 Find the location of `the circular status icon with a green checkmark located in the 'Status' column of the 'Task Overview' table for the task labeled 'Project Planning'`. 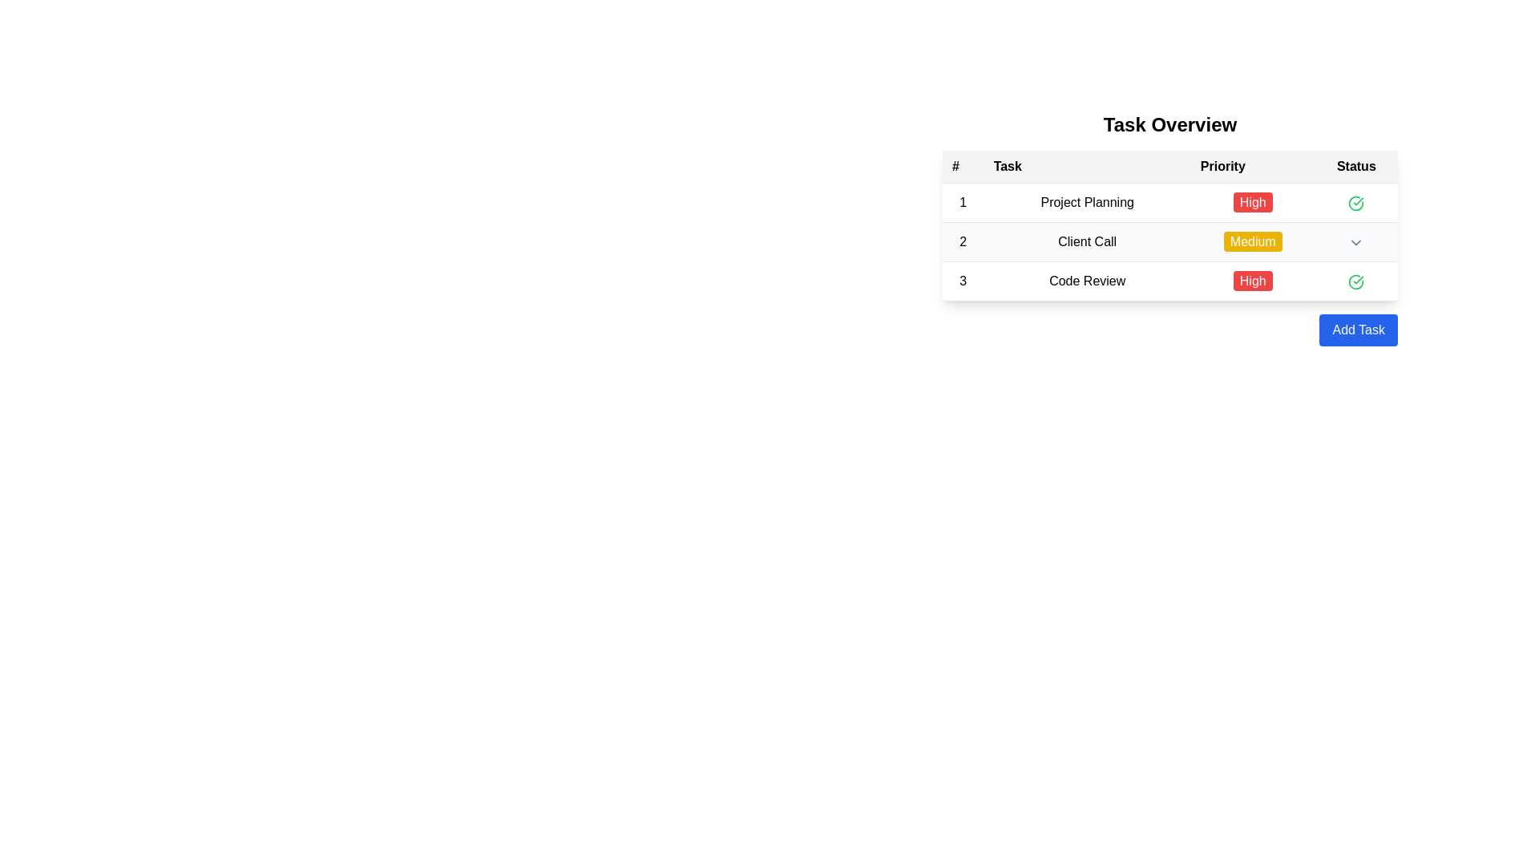

the circular status icon with a green checkmark located in the 'Status' column of the 'Task Overview' table for the task labeled 'Project Planning' is located at coordinates (1355, 202).